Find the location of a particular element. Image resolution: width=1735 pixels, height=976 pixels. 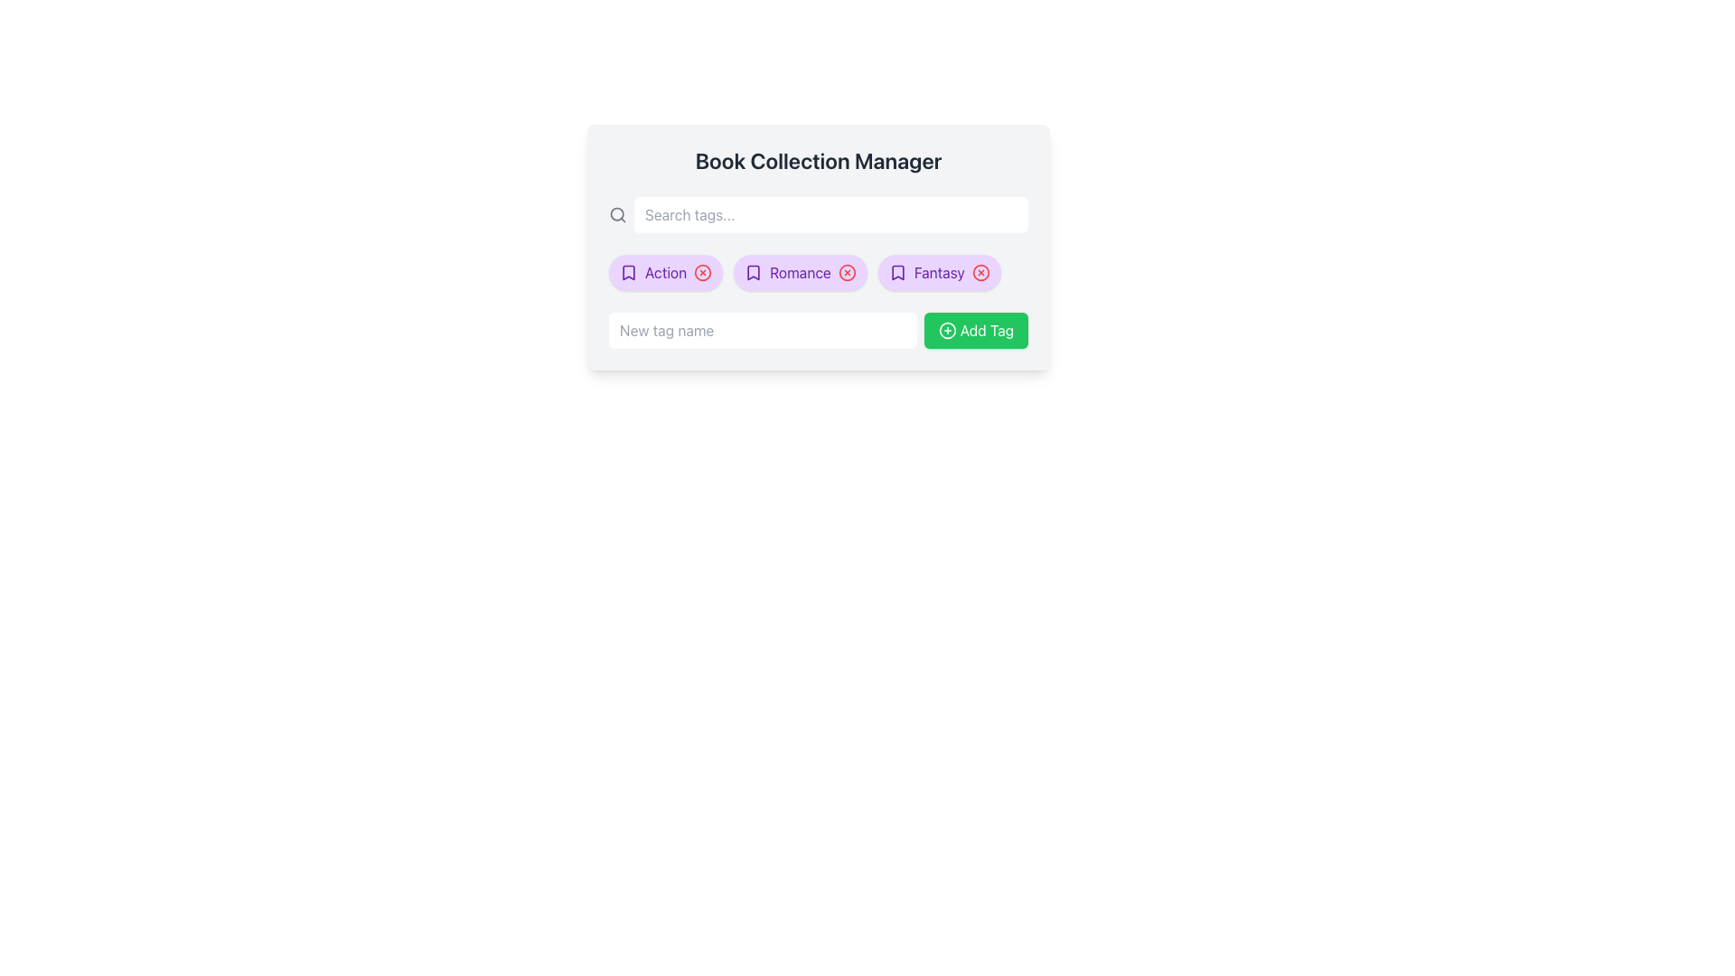

the bookmark icon within the 'Fantasy' tag, positioned to the left of the close (x) icon is located at coordinates (897, 272).